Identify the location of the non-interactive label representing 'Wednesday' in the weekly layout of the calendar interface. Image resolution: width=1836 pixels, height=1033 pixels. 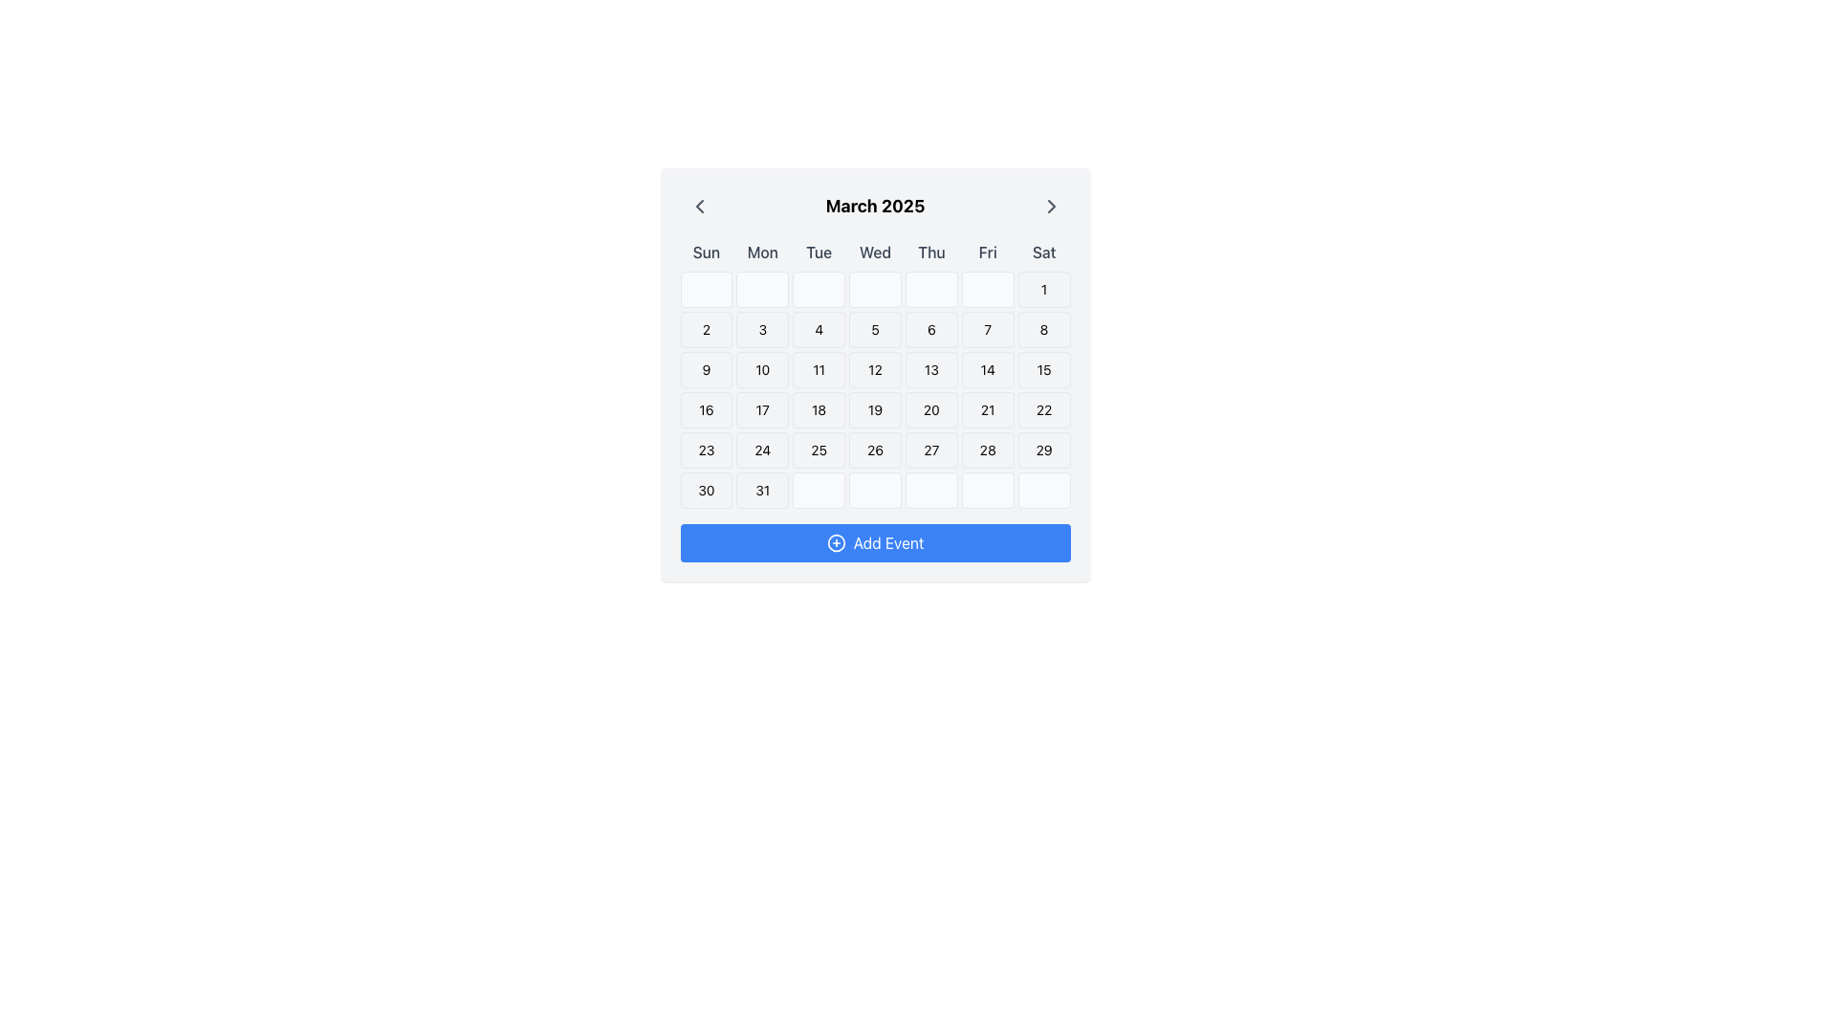
(874, 251).